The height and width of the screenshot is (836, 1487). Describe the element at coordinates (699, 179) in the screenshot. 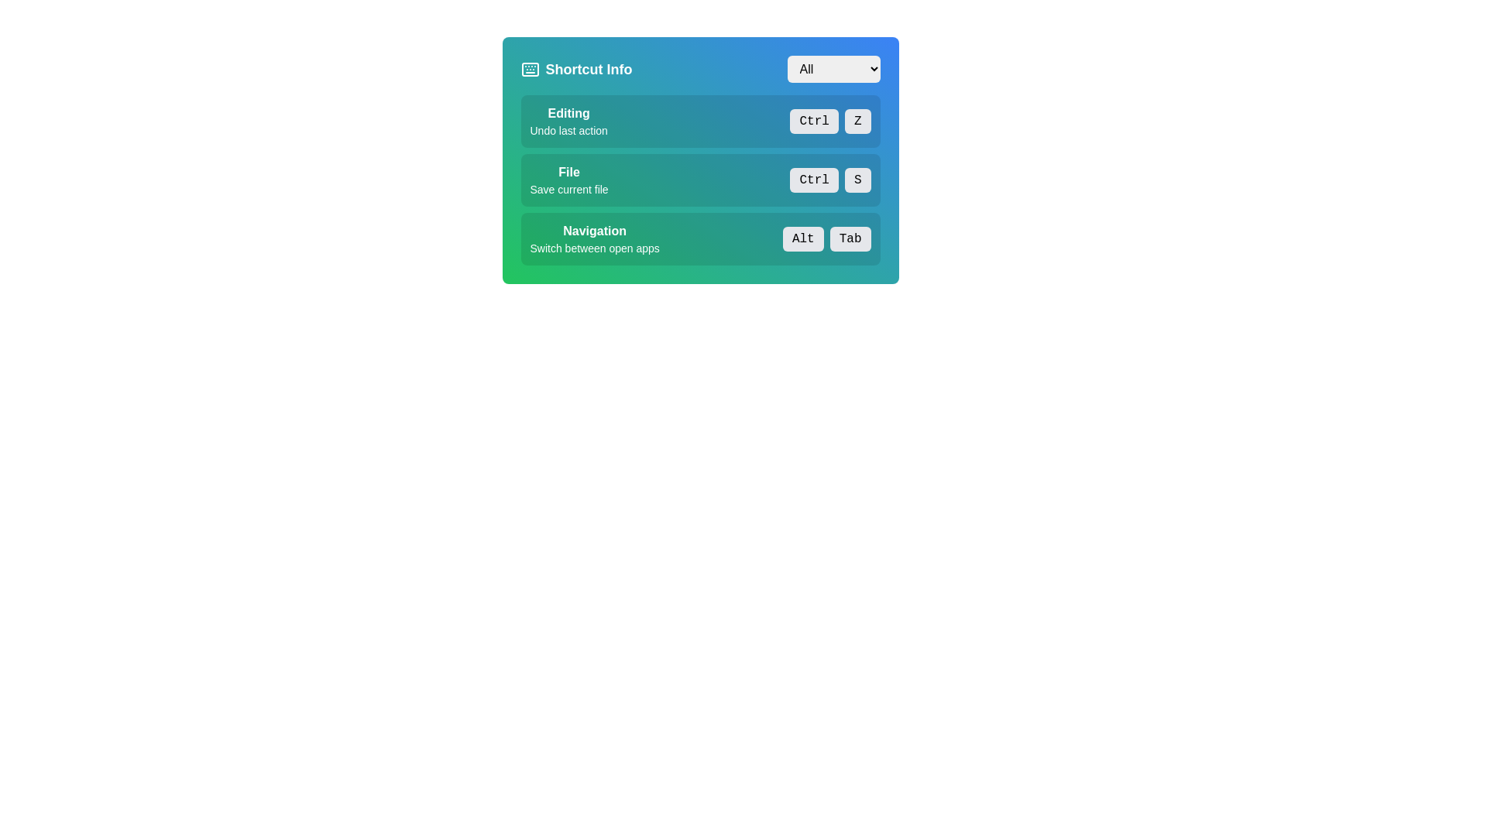

I see `the 'File' information section in the 'Shortcut Info' card, which describes 'Save current file' and includes 'Ctrl' and 'S' buttons` at that location.